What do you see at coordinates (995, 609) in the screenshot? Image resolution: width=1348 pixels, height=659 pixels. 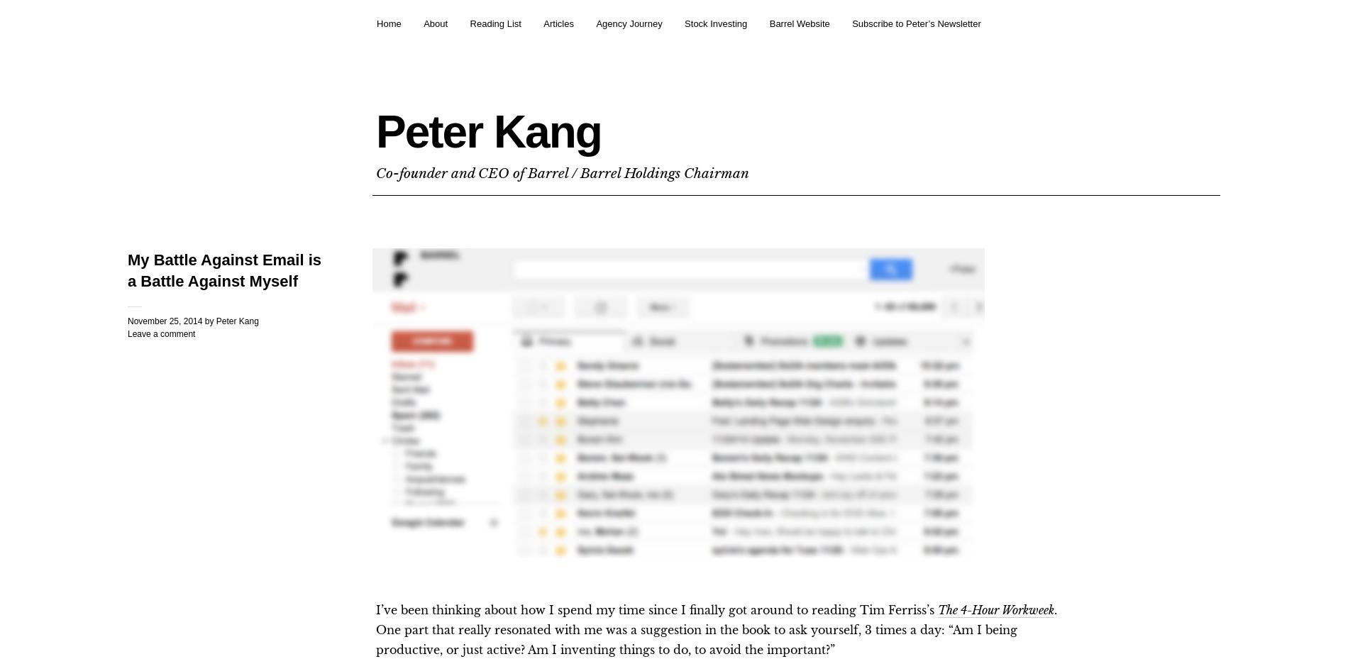 I see `'The 4-Hour Workweek'` at bounding box center [995, 609].